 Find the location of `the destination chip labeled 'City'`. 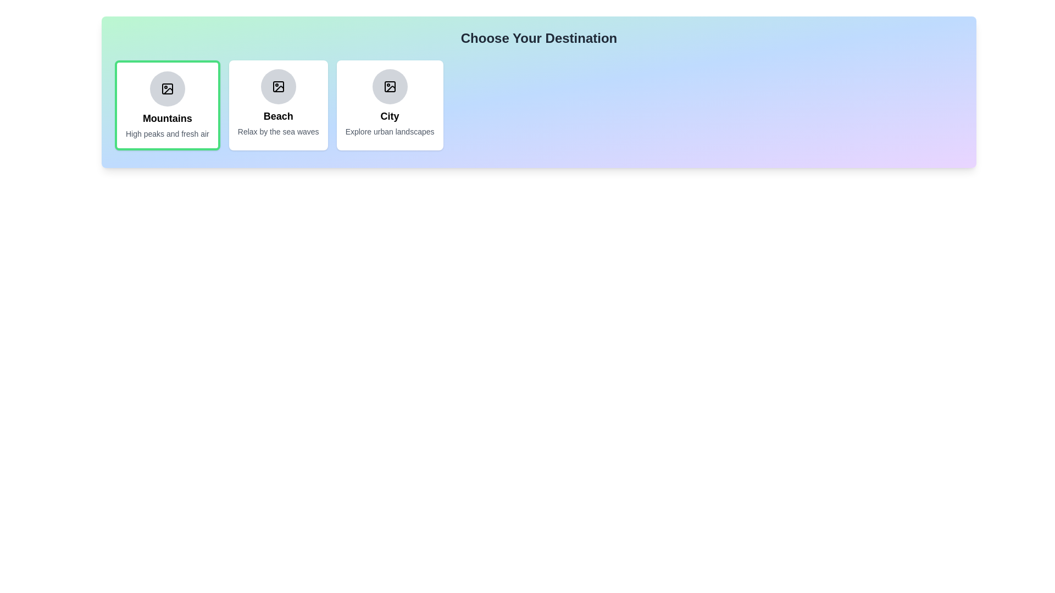

the destination chip labeled 'City' is located at coordinates (390, 105).